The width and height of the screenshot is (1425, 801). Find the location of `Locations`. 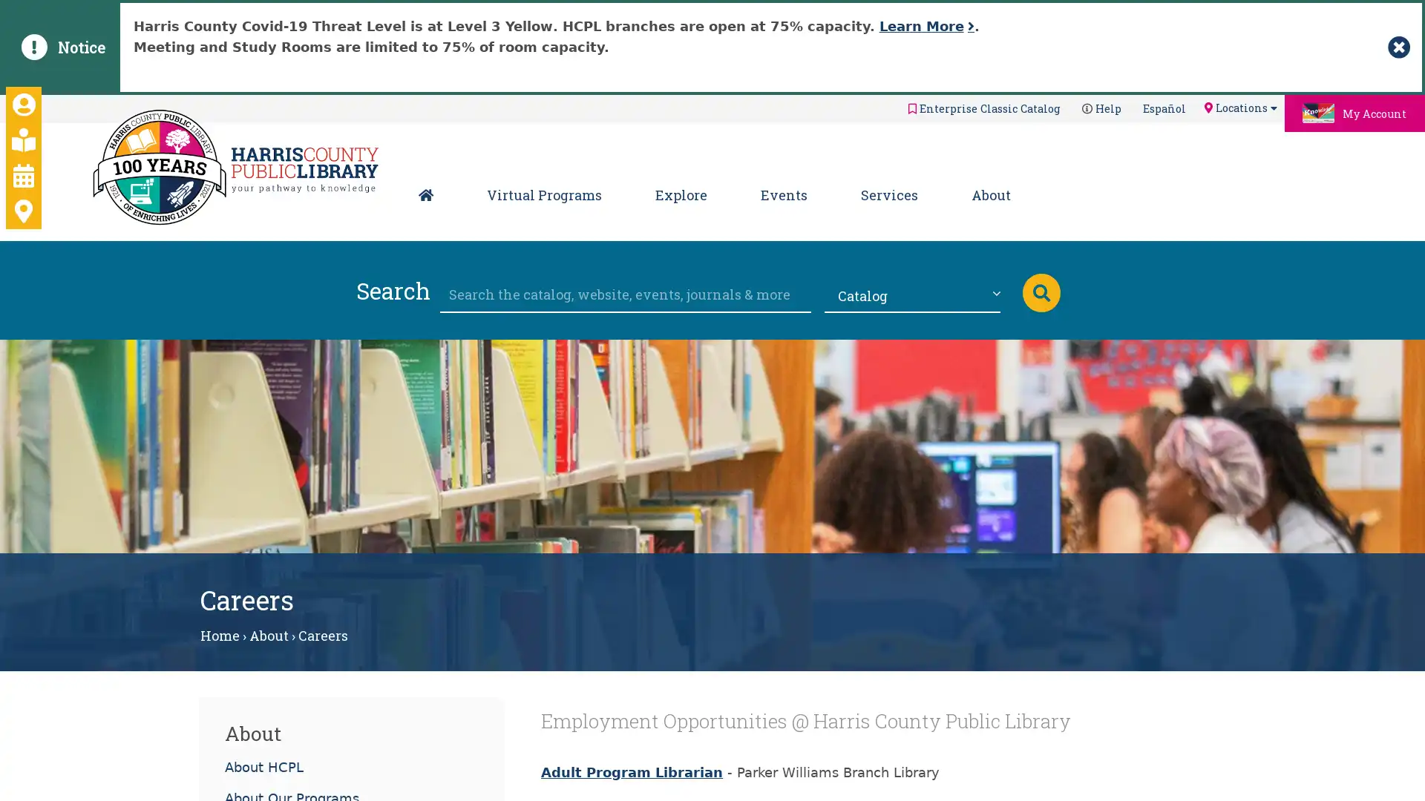

Locations is located at coordinates (1239, 107).